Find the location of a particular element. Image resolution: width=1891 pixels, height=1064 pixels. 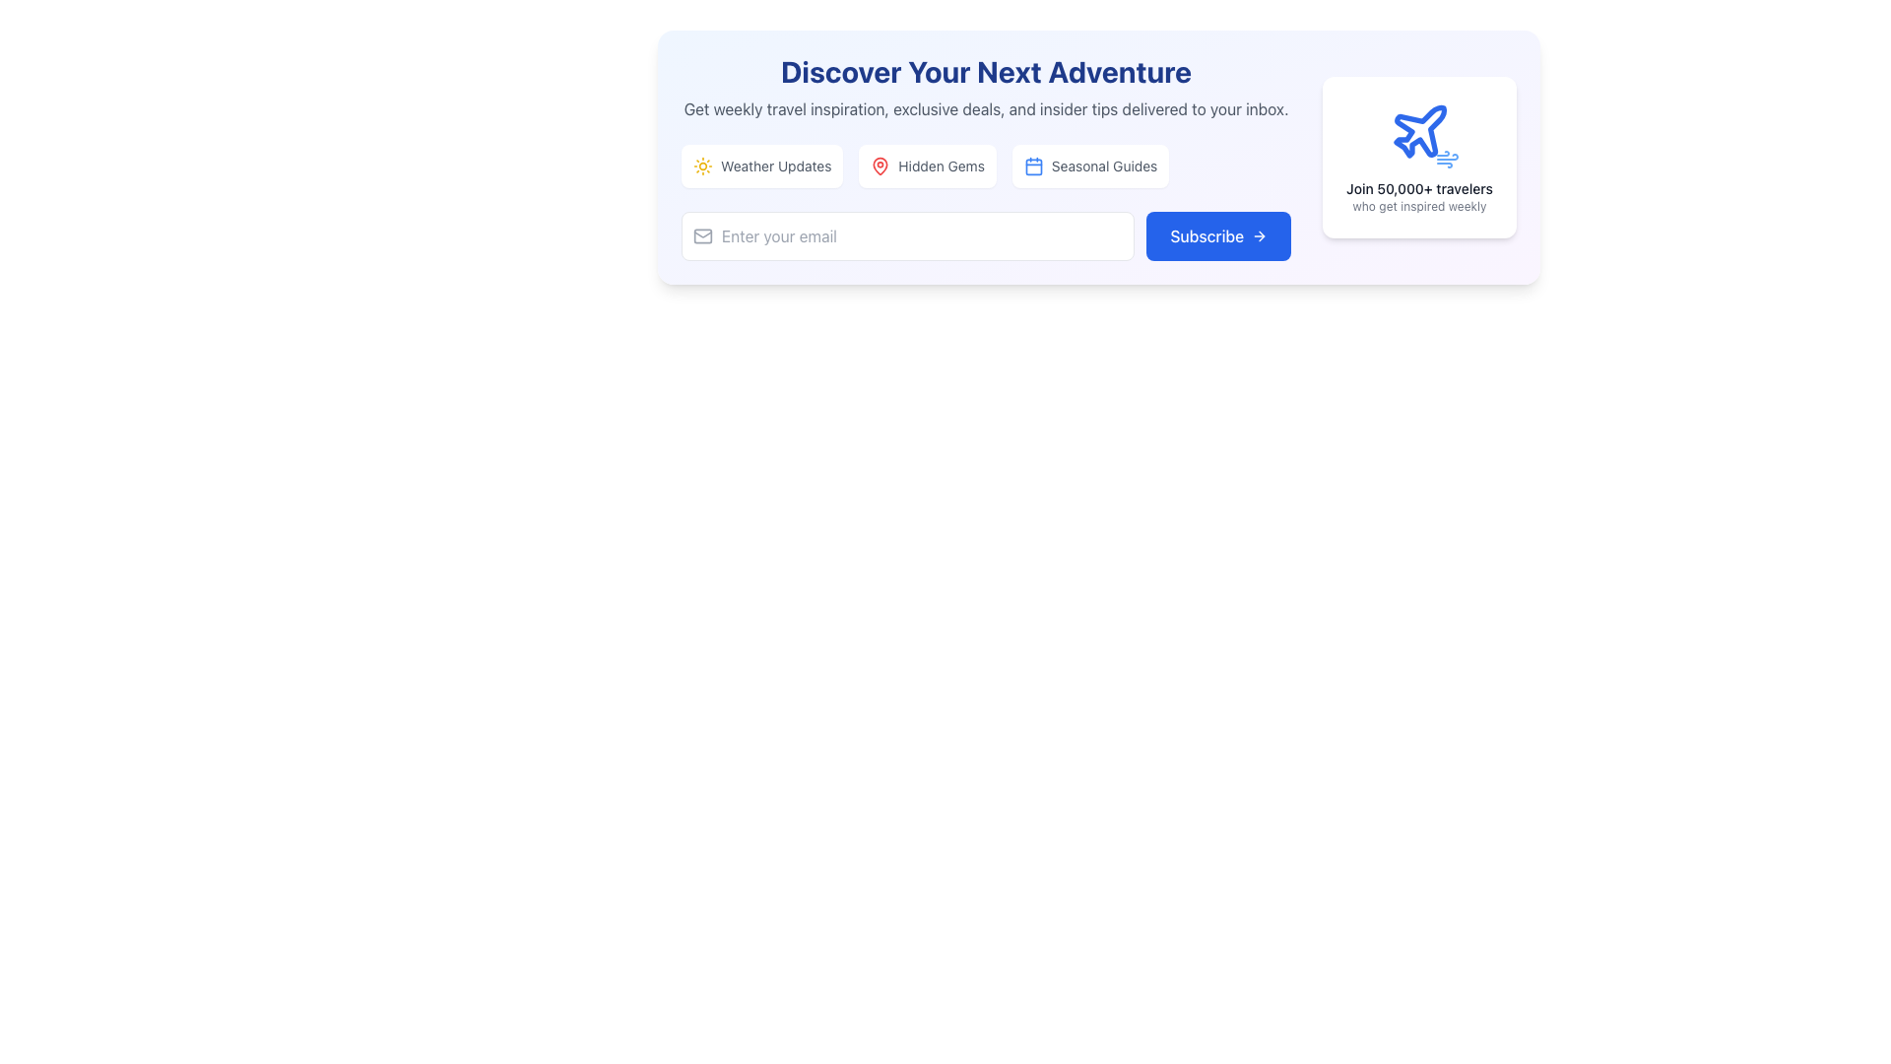

the small gray envelope icon located to the left of the text input field, which has a modern design and rounded edges is located at coordinates (703, 234).